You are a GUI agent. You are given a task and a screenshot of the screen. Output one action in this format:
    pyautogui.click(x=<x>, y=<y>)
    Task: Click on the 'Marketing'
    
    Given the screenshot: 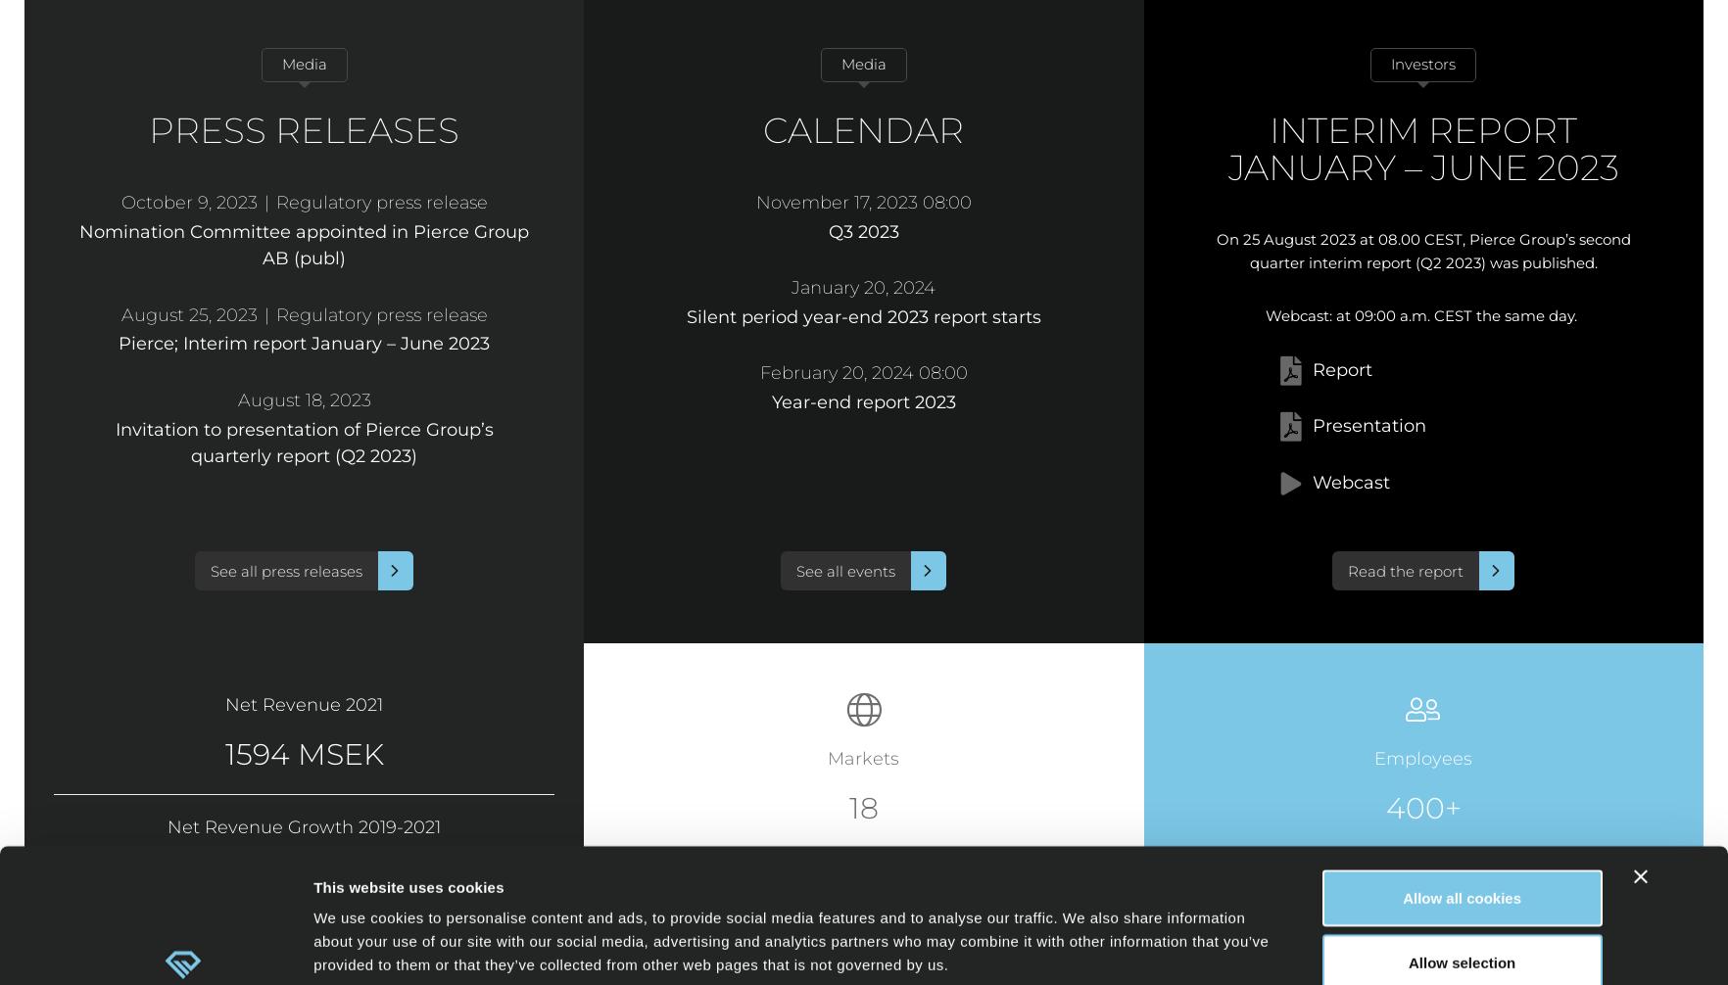 What is the action you would take?
    pyautogui.click(x=895, y=919)
    